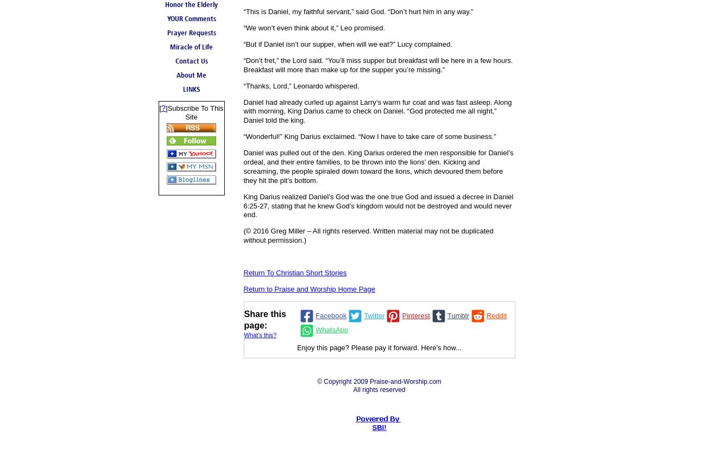 This screenshot has width=706, height=449. What do you see at coordinates (191, 18) in the screenshot?
I see `'YOUR Comments'` at bounding box center [191, 18].